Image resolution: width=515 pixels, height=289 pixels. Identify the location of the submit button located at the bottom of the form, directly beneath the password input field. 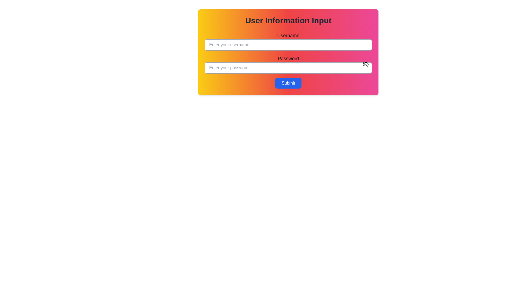
(288, 83).